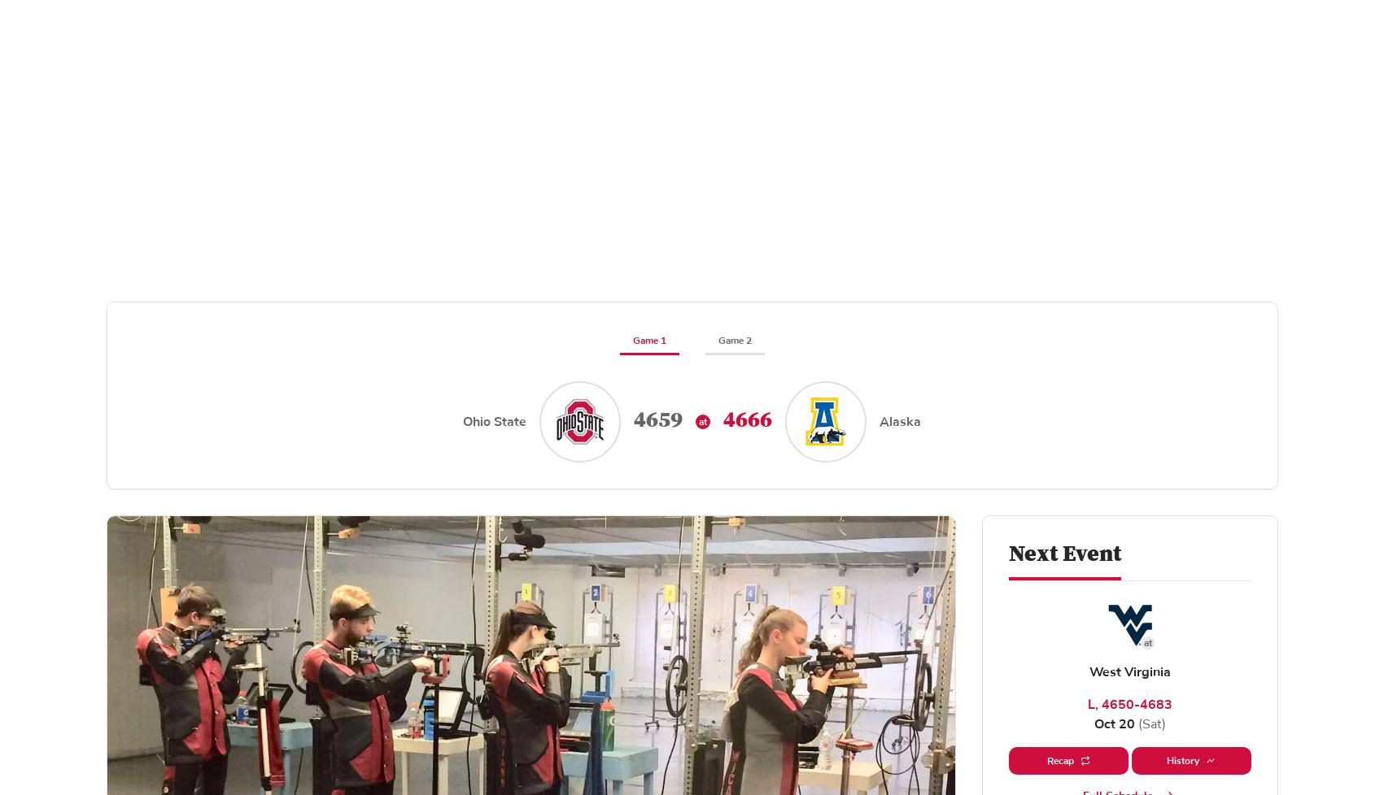 The width and height of the screenshot is (1384, 795). Describe the element at coordinates (469, 577) in the screenshot. I see `'Sunday, October 08'` at that location.